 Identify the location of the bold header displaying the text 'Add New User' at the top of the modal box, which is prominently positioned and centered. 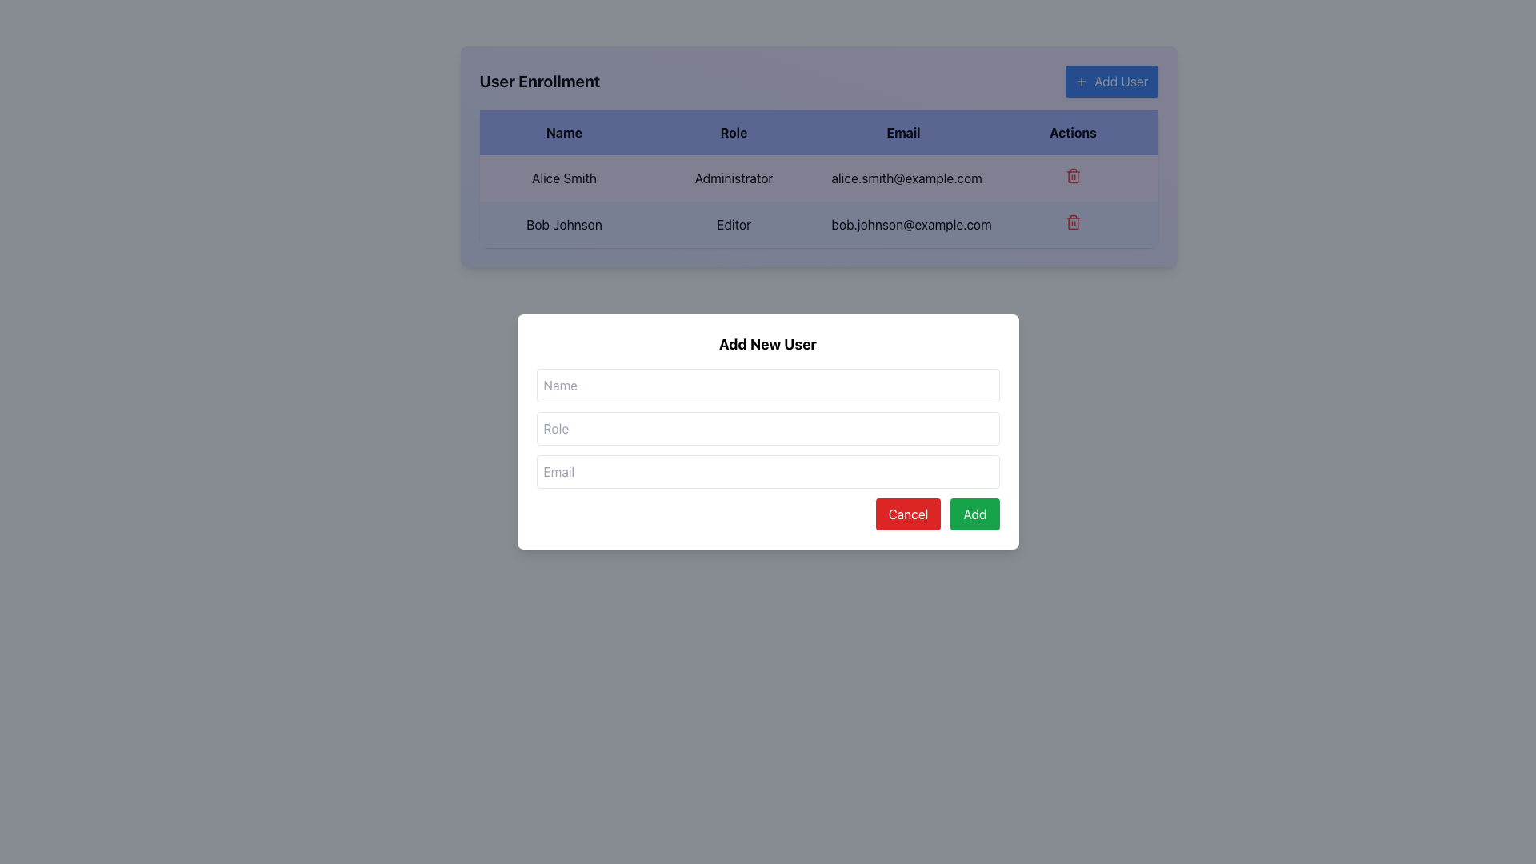
(768, 344).